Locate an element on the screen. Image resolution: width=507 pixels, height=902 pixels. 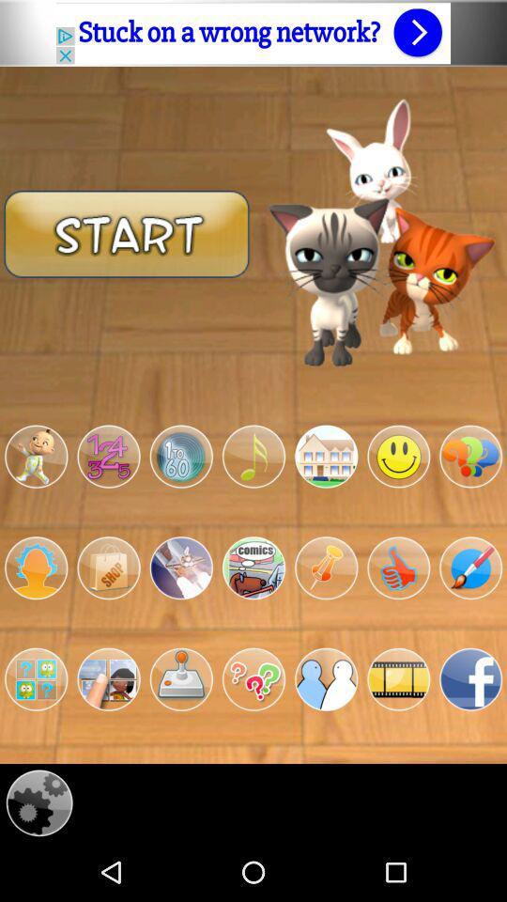
the favorite icon is located at coordinates (253, 726).